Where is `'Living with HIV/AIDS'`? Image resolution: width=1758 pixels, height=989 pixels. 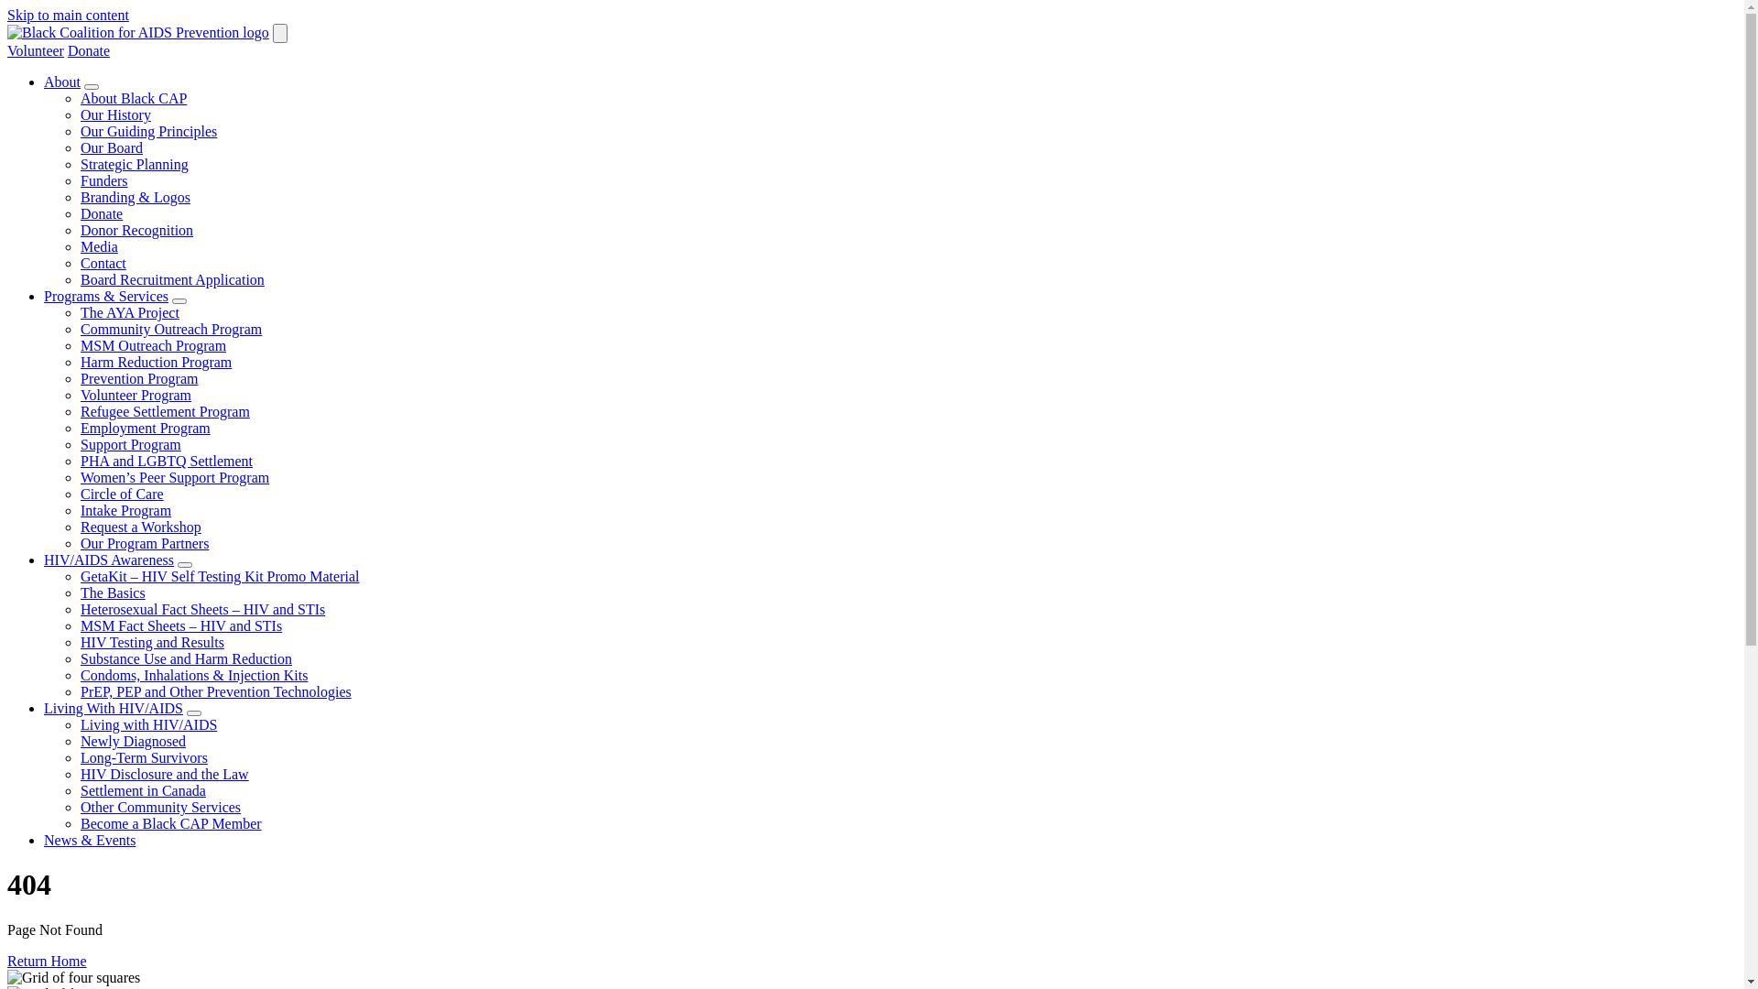
'Living with HIV/AIDS' is located at coordinates (79, 723).